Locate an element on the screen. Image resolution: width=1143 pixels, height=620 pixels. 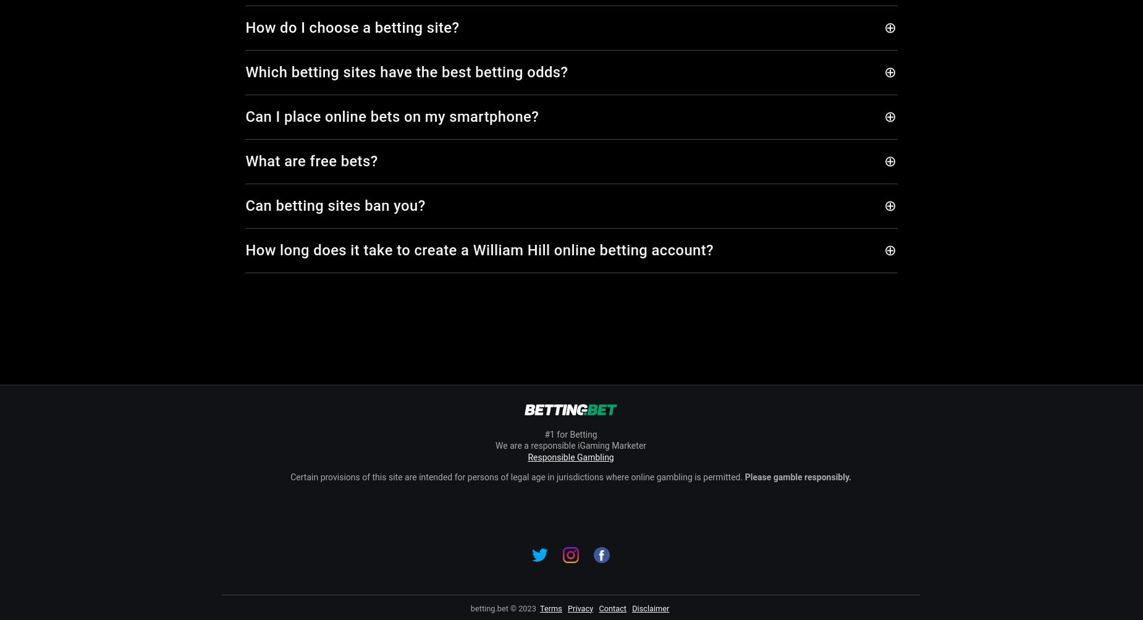
'How do I choose a betting site?' is located at coordinates (245, 28).